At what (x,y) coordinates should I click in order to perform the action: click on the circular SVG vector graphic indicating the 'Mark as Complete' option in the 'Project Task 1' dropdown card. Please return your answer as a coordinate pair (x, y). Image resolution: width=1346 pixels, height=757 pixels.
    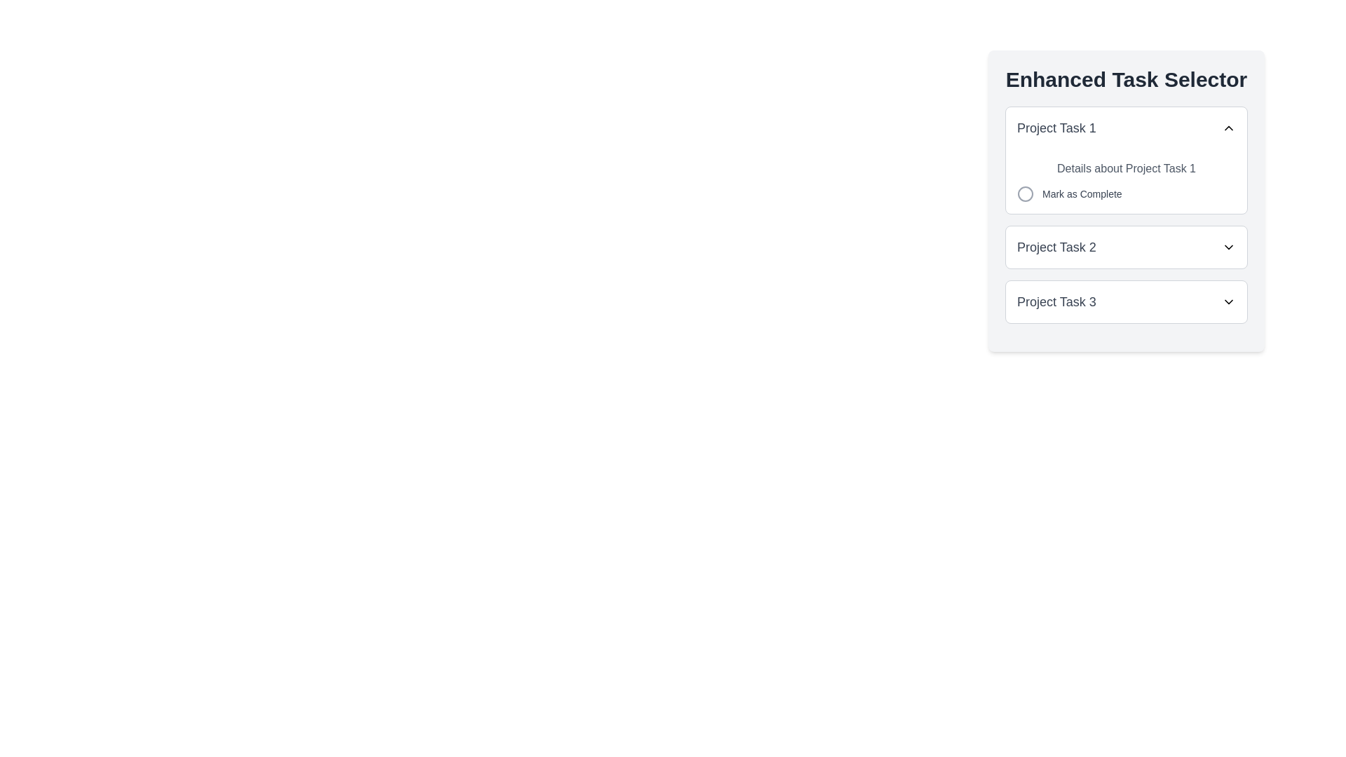
    Looking at the image, I should click on (1026, 194).